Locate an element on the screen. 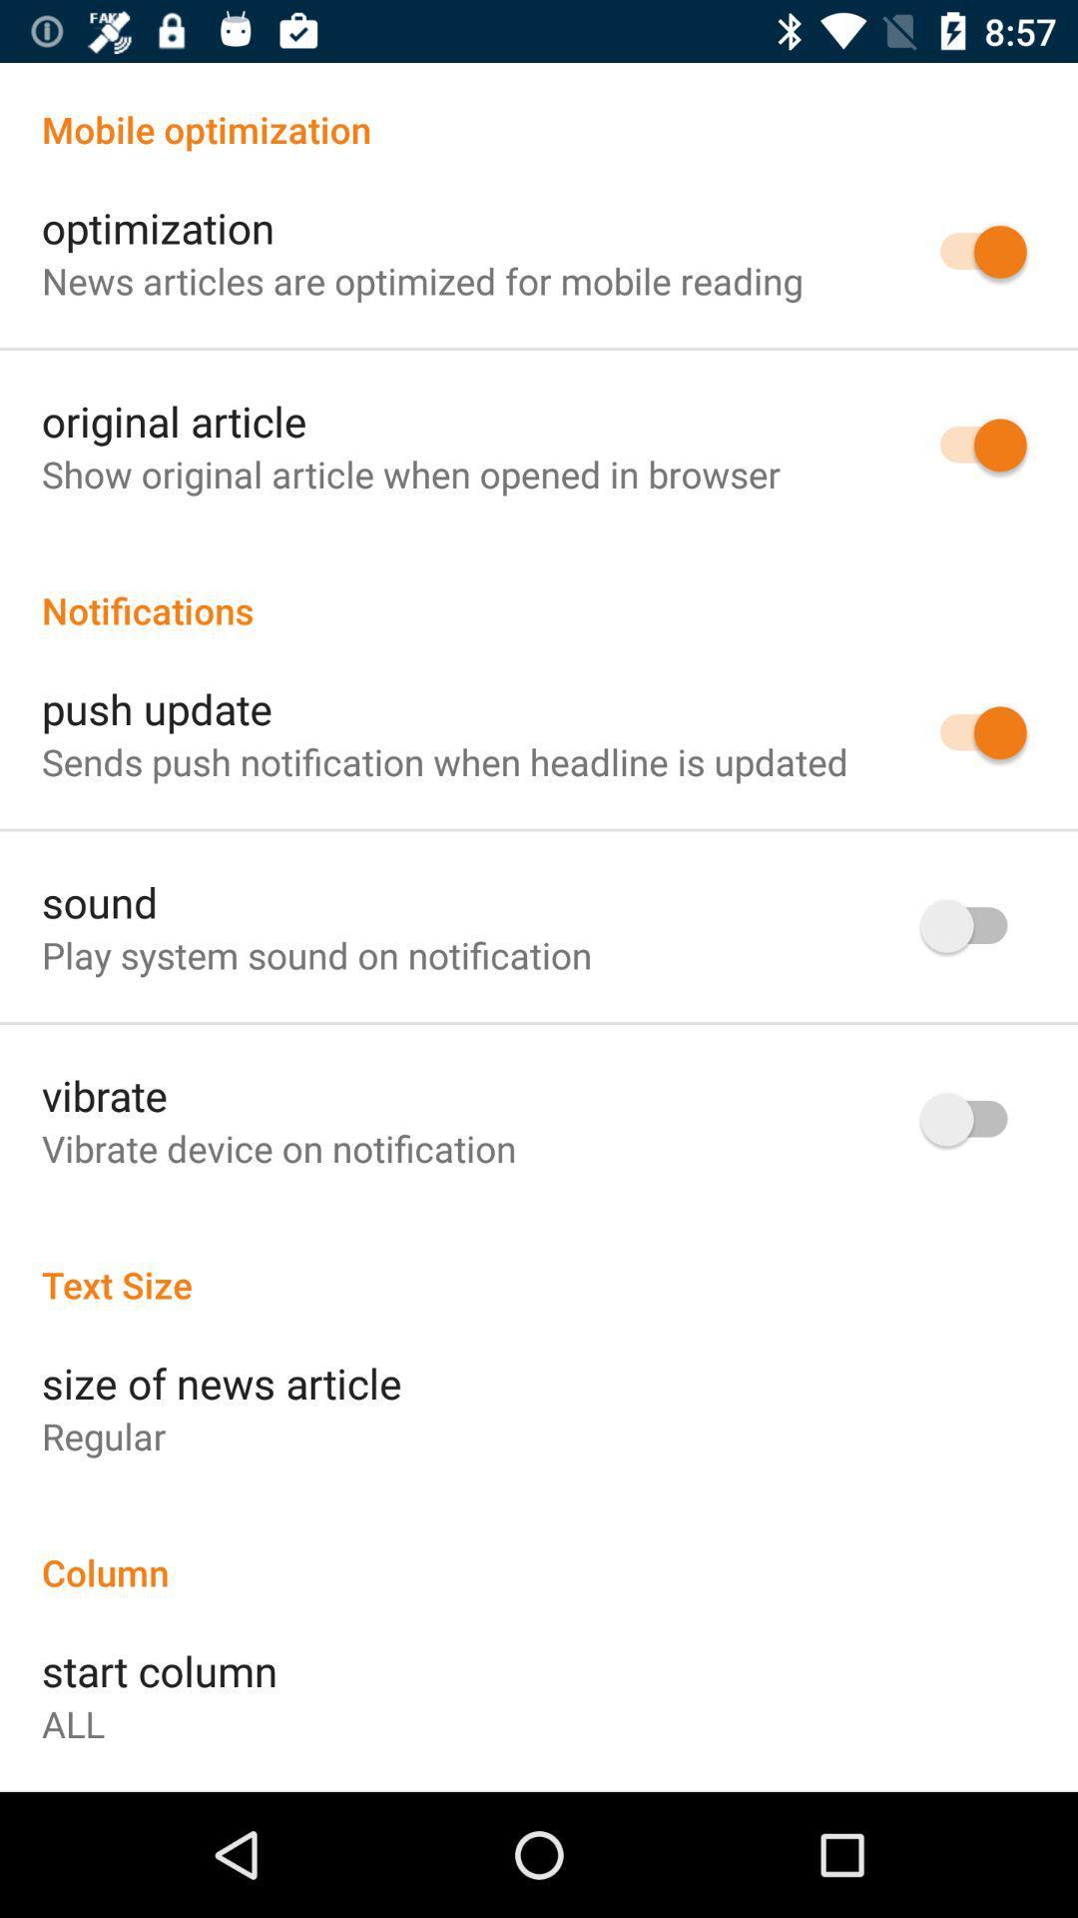 The width and height of the screenshot is (1078, 1918). icon below size of news app is located at coordinates (104, 1435).